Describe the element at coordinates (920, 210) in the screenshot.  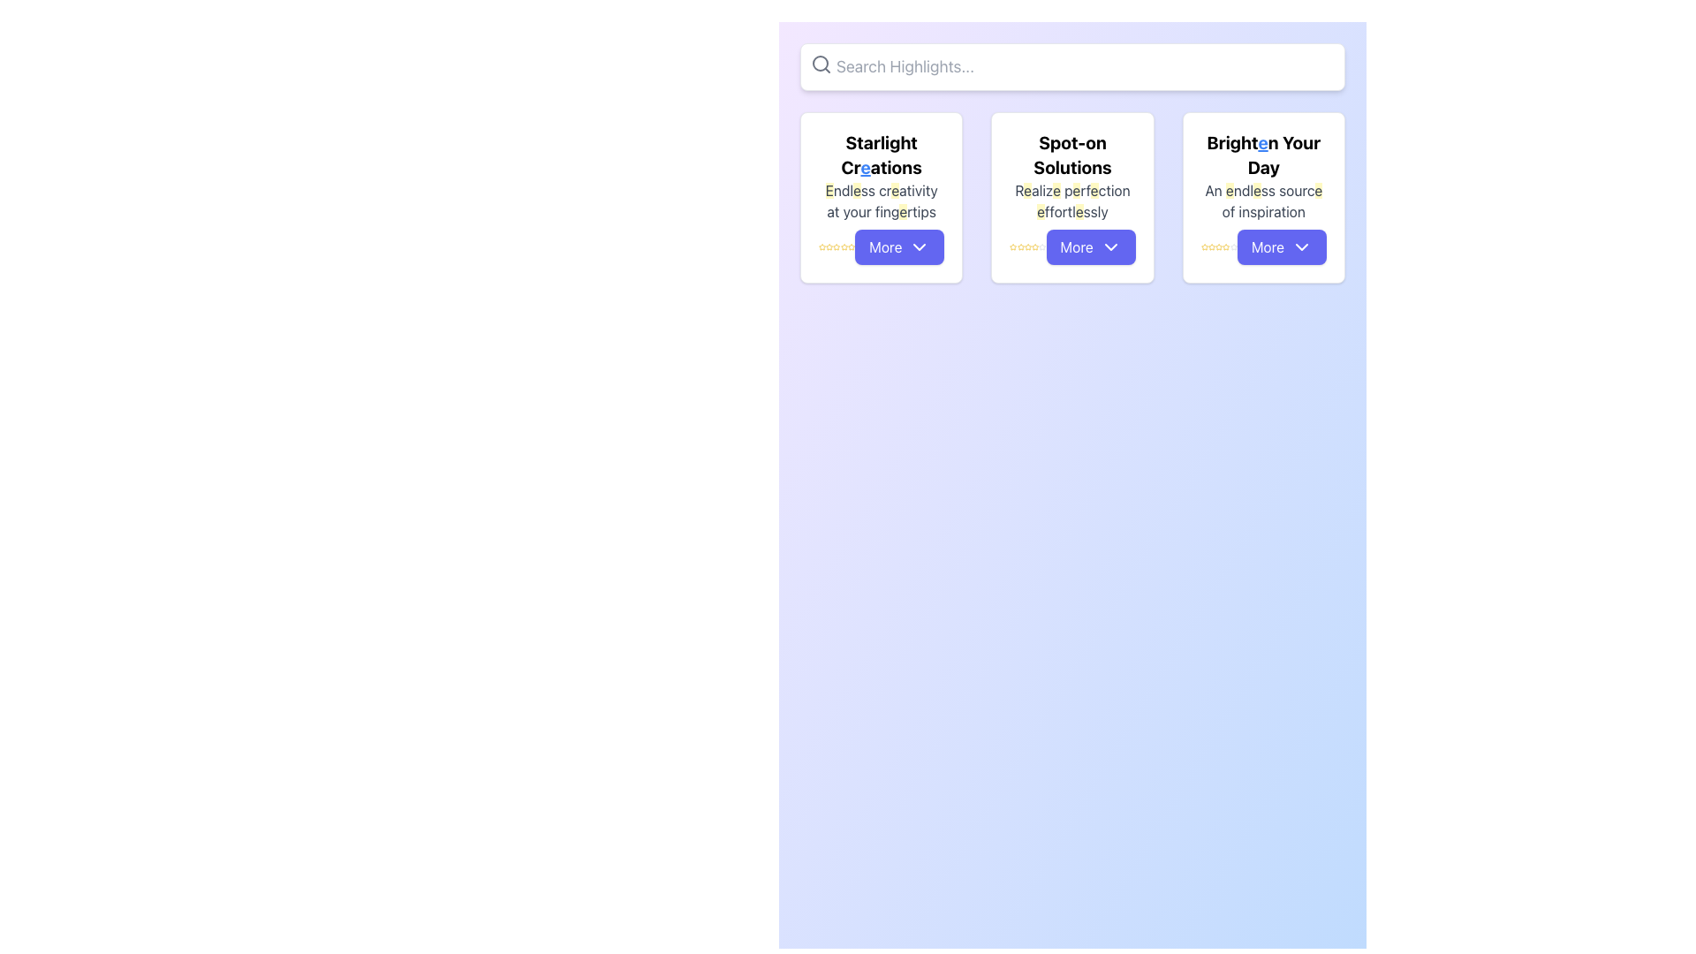
I see `the text 'rtips' located in the phrase 'at your fingertips' within the card titled 'Starlight Creations'` at that location.